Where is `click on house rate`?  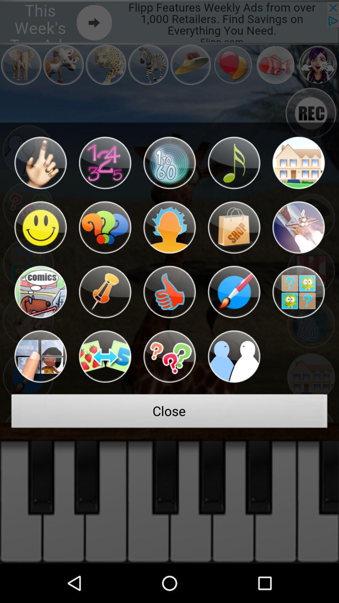
click on house rate is located at coordinates (298, 163).